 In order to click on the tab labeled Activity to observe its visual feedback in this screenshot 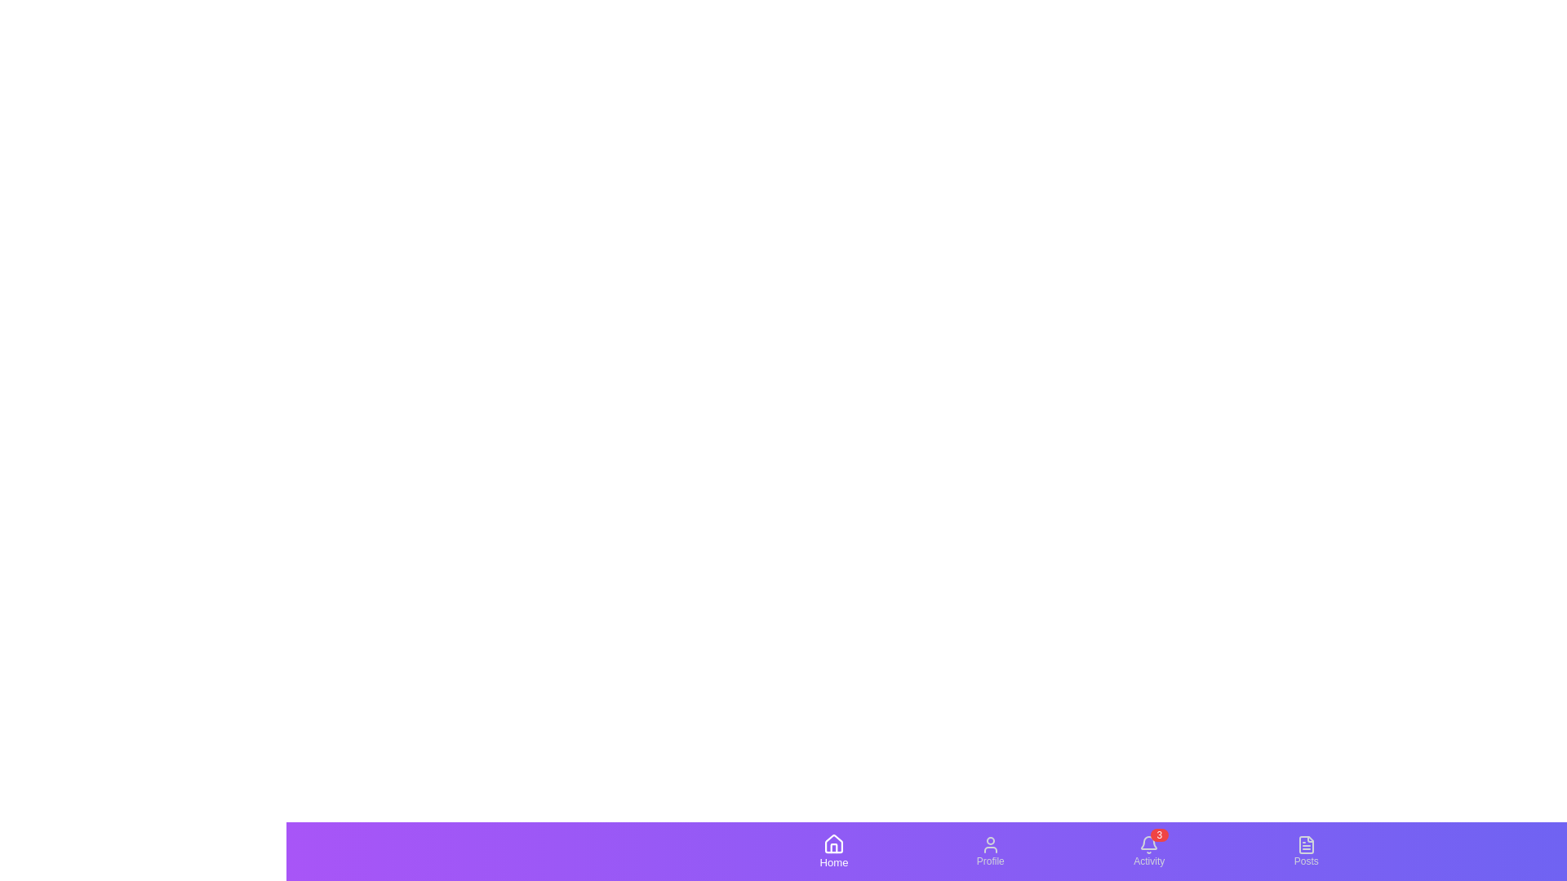, I will do `click(1148, 851)`.